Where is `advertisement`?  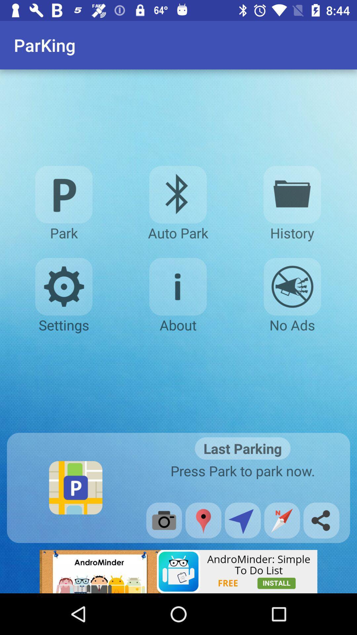 advertisement is located at coordinates (178, 571).